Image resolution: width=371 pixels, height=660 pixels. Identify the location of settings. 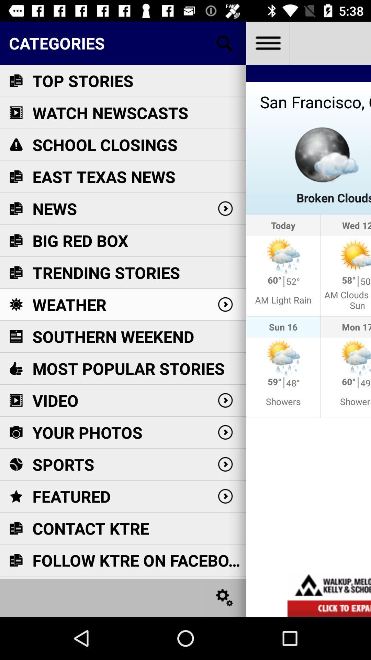
(225, 597).